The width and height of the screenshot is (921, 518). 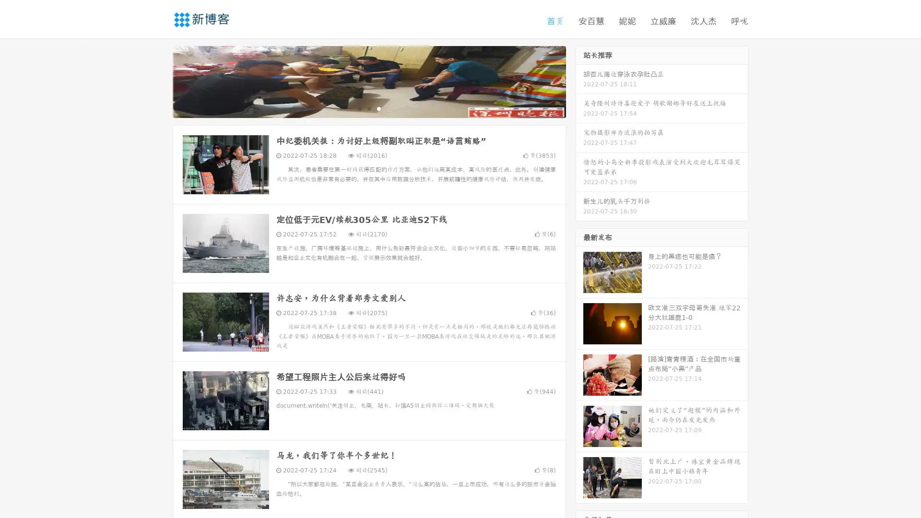 I want to click on Go to slide 3, so click(x=378, y=108).